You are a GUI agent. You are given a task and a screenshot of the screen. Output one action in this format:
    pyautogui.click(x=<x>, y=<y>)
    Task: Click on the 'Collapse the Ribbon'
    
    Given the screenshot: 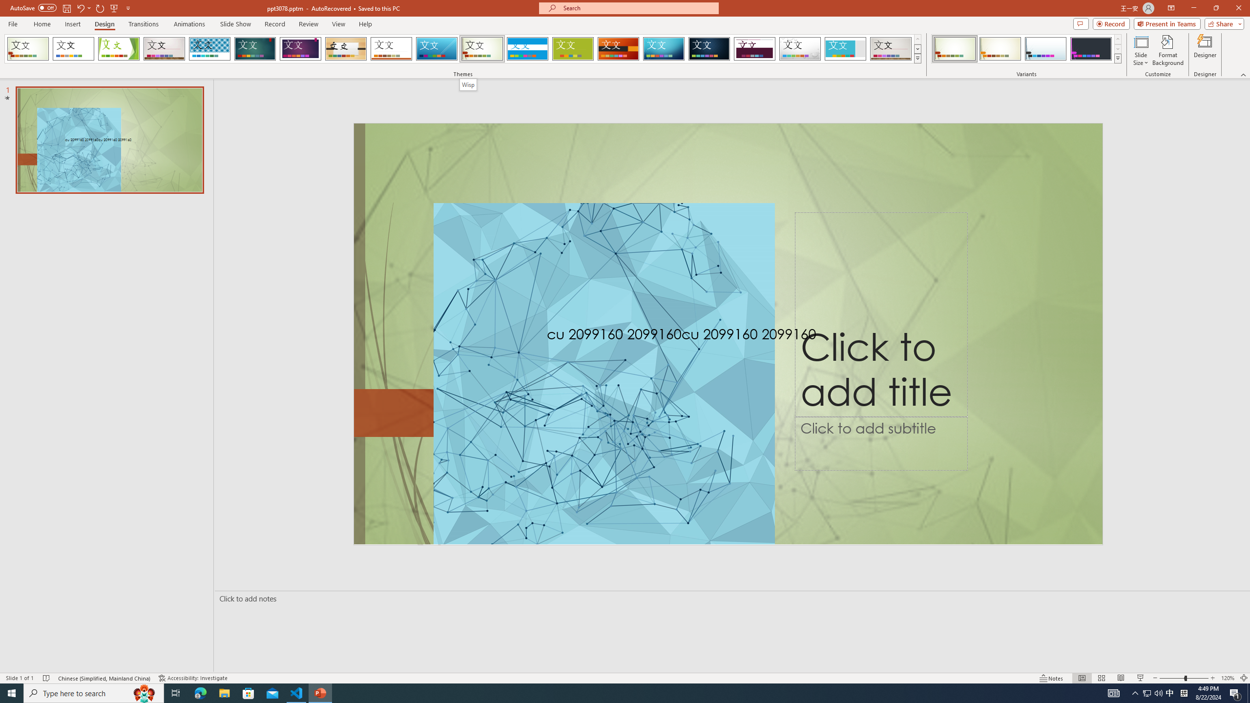 What is the action you would take?
    pyautogui.click(x=1244, y=75)
    